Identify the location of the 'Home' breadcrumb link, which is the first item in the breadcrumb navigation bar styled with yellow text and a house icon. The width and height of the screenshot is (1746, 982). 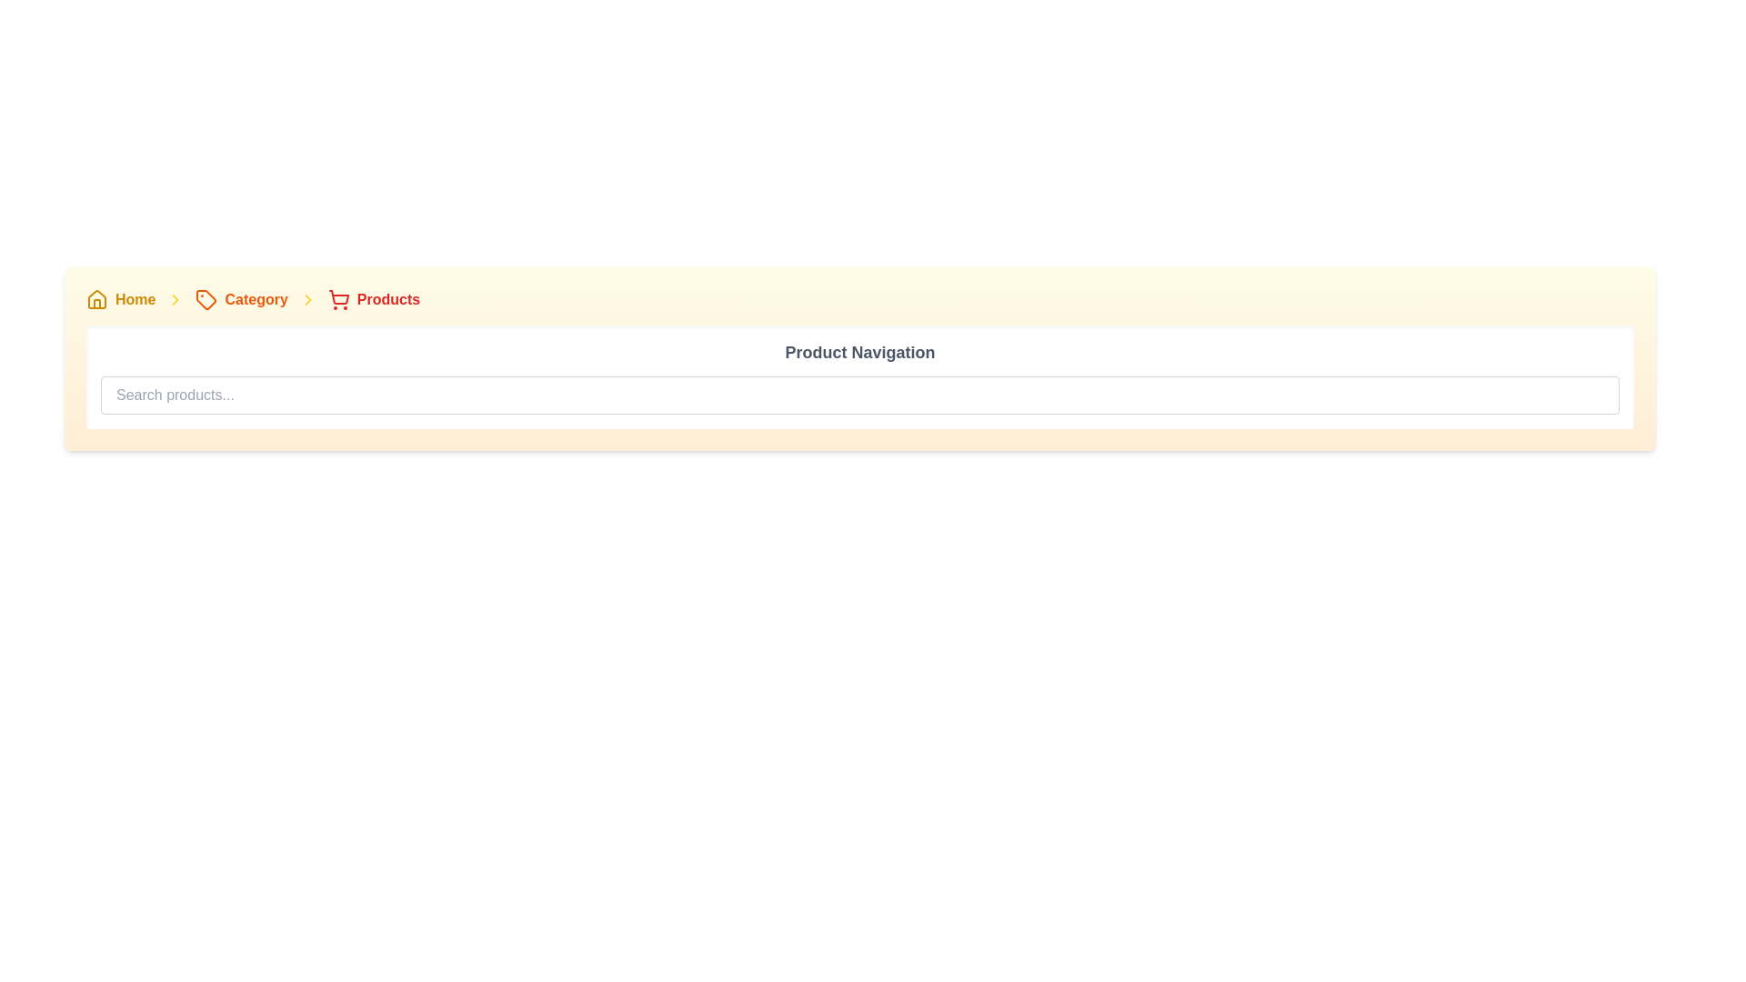
(120, 299).